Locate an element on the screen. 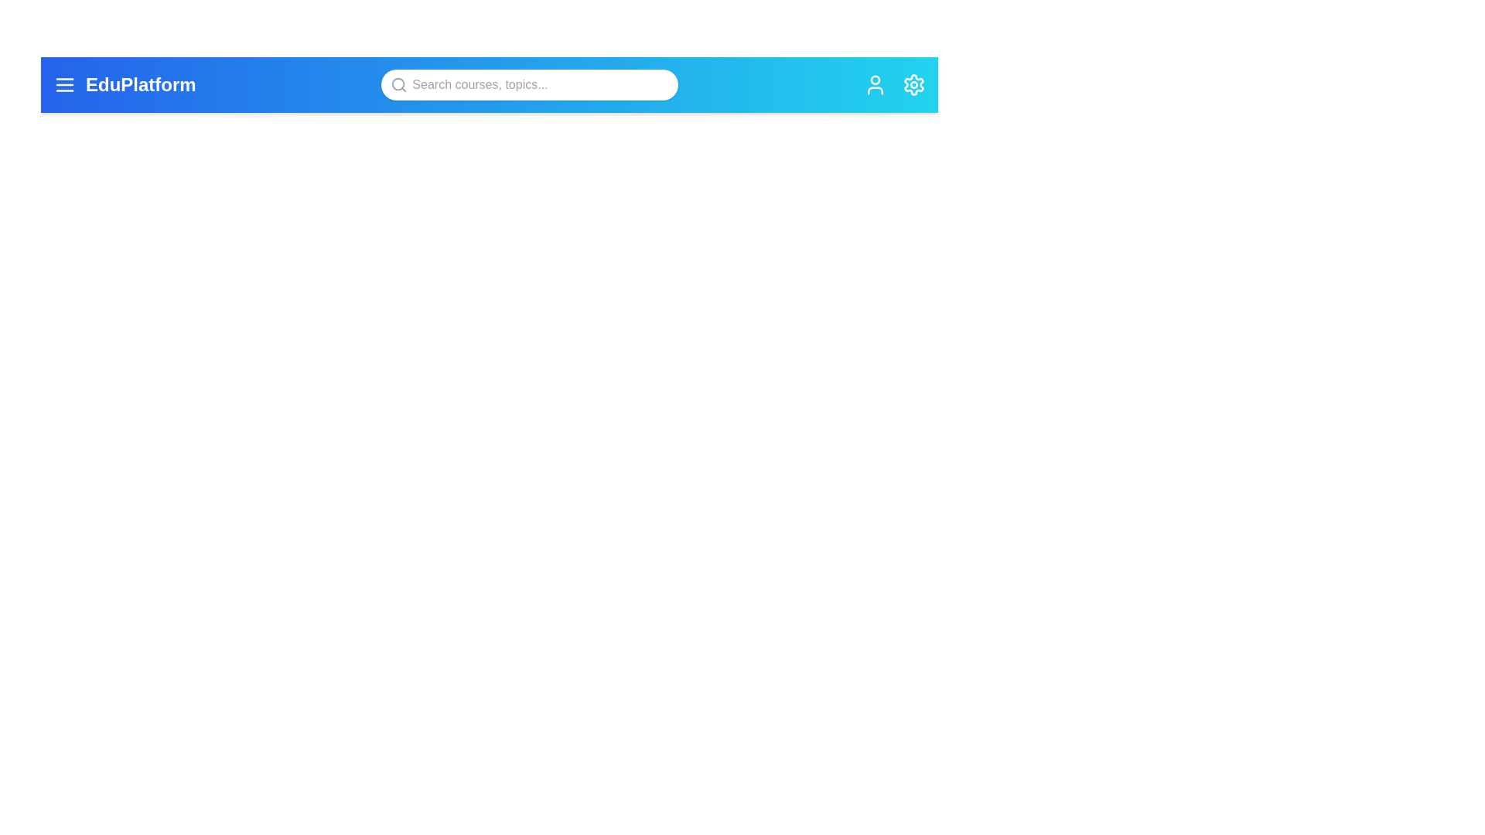  the menu icon to open the navigation drawer is located at coordinates (63, 85).